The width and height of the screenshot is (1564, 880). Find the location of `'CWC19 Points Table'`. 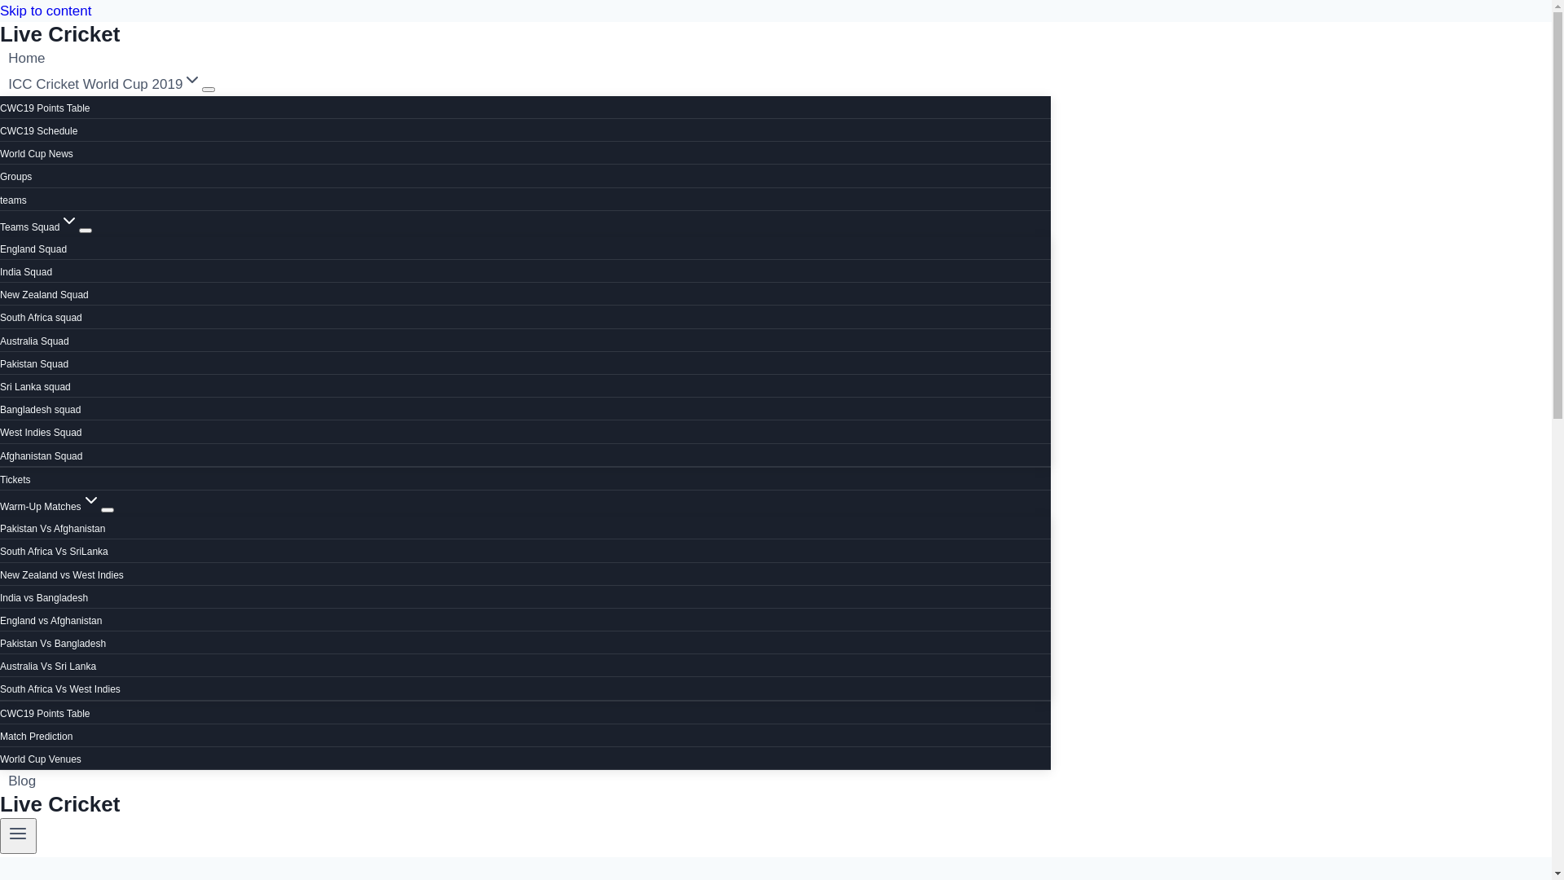

'CWC19 Points Table' is located at coordinates (45, 712).